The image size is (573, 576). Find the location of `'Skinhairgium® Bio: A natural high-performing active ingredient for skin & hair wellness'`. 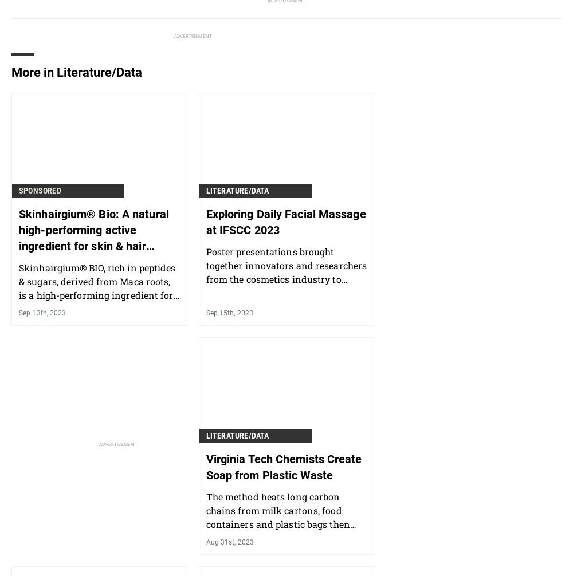

'Skinhairgium® Bio: A natural high-performing active ingredient for skin & hair wellness' is located at coordinates (93, 237).